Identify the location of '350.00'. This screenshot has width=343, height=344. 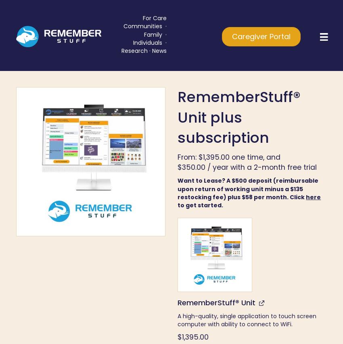
(193, 167).